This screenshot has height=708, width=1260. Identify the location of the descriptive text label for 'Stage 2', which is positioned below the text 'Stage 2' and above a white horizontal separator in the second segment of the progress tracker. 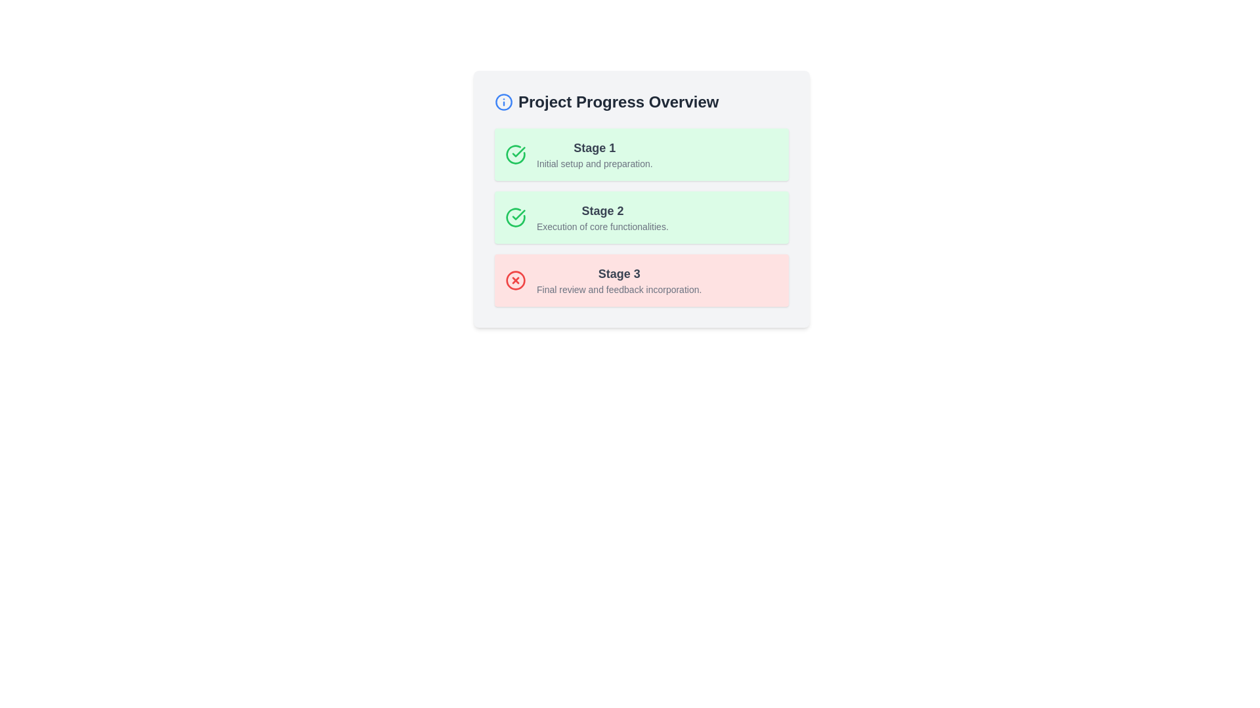
(602, 226).